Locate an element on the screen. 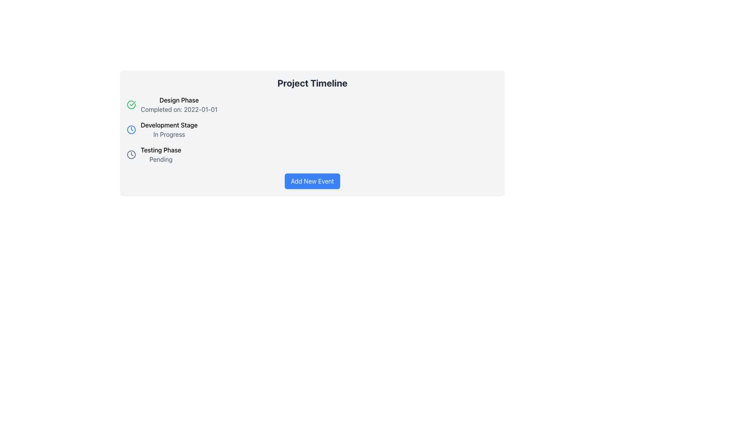  the static text element that serves as the title for the initial phase in the project timeline is located at coordinates (179, 100).